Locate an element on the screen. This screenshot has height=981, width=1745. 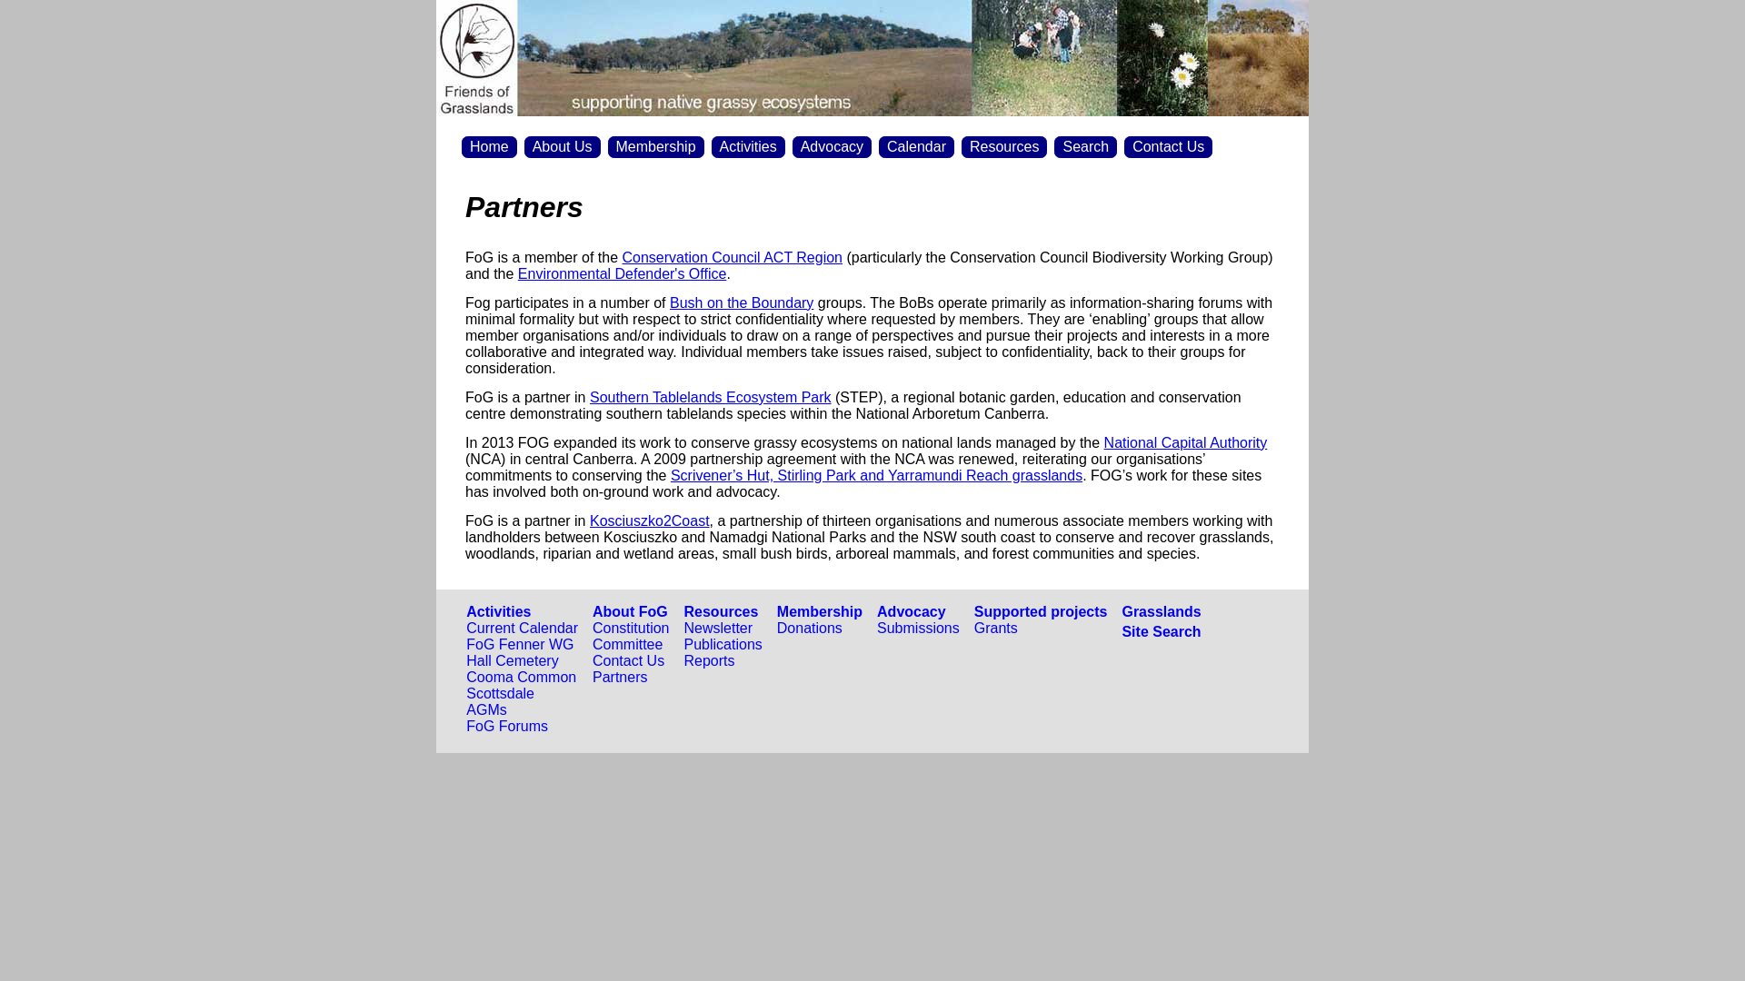
'Contact Us' is located at coordinates (1168, 146).